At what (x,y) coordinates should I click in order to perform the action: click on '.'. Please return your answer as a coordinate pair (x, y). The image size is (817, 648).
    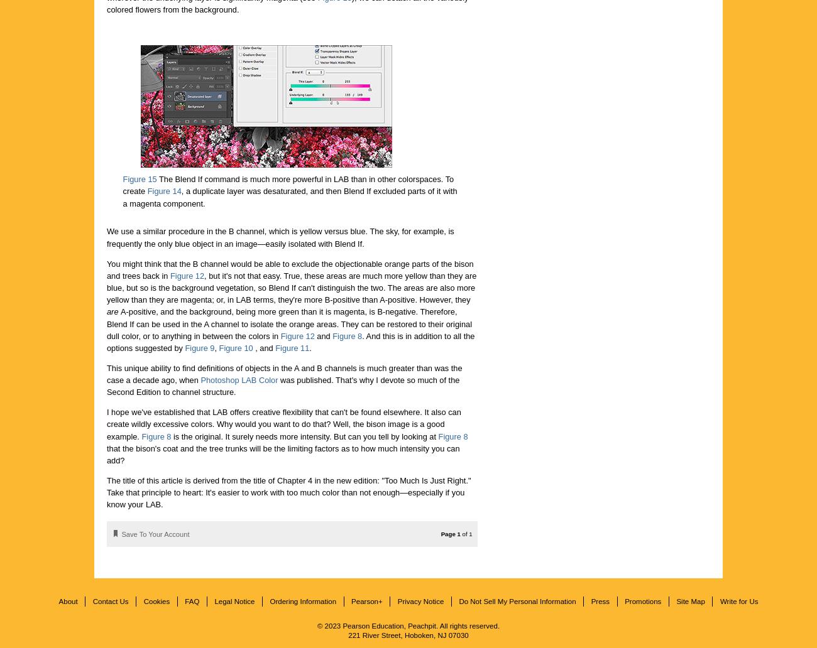
    Looking at the image, I should click on (310, 347).